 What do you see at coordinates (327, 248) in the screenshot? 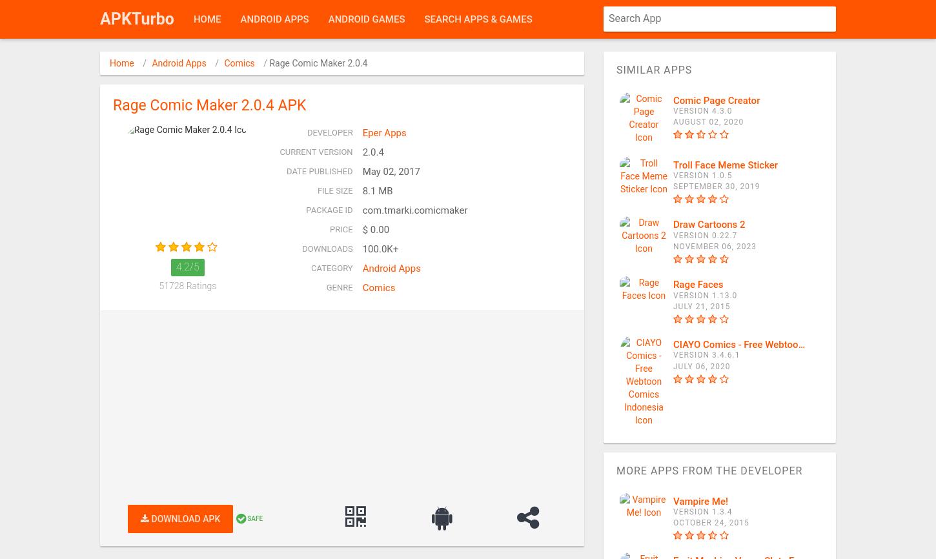
I see `'Downloads'` at bounding box center [327, 248].